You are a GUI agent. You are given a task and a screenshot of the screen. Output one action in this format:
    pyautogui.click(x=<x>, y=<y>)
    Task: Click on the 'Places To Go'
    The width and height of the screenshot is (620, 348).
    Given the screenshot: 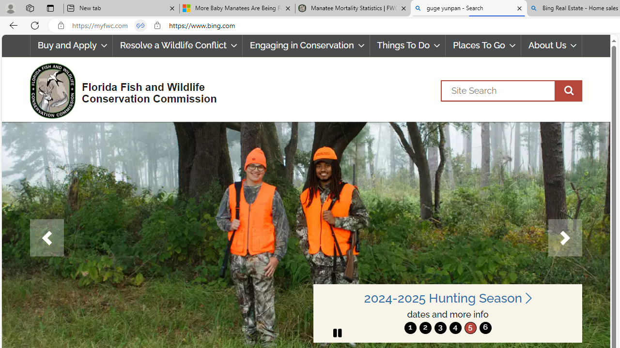 What is the action you would take?
    pyautogui.click(x=483, y=45)
    